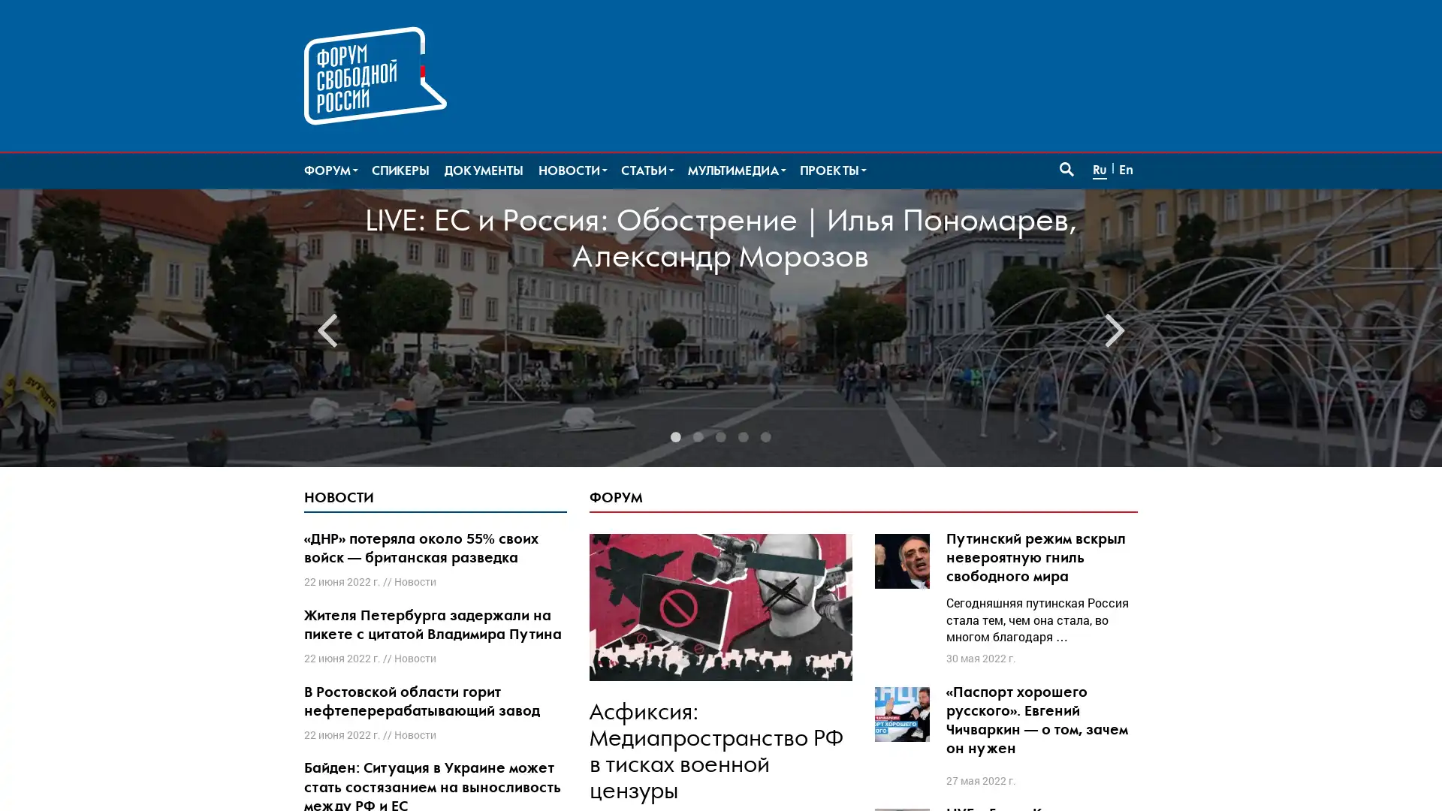  I want to click on Previous, so click(326, 327).